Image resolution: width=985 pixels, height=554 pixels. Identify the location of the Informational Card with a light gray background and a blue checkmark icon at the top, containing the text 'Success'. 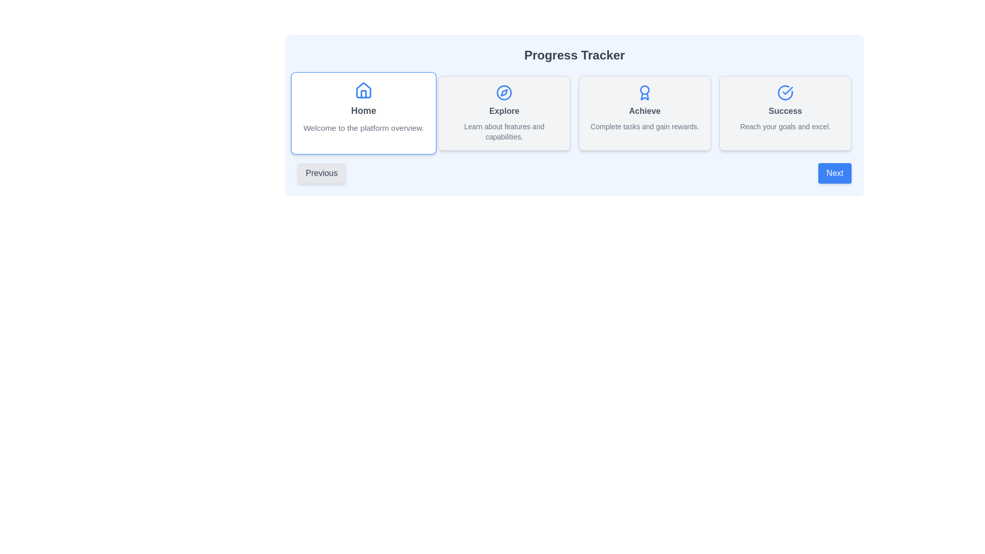
(785, 113).